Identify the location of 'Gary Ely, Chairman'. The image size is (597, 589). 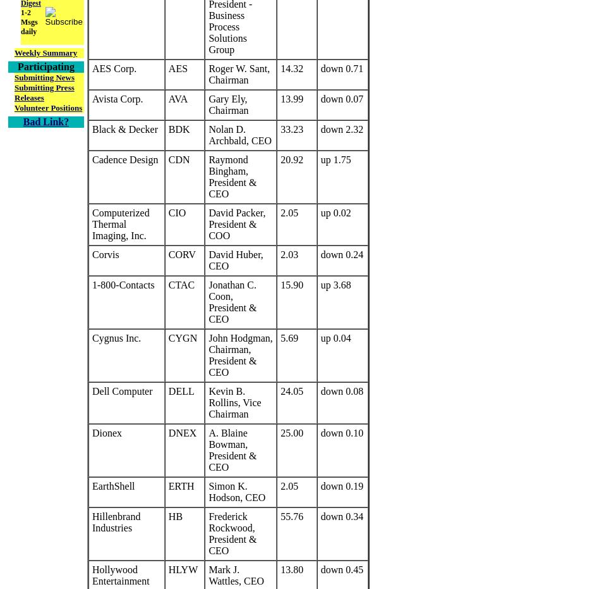
(208, 104).